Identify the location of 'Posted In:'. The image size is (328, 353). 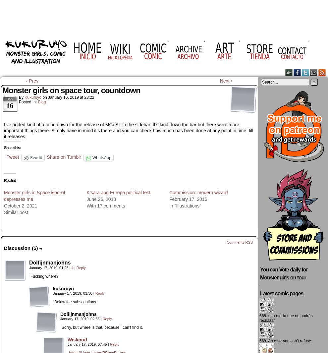
(28, 101).